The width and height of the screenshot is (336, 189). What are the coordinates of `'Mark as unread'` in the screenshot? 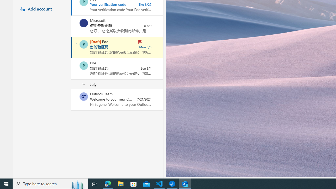 It's located at (71, 99).